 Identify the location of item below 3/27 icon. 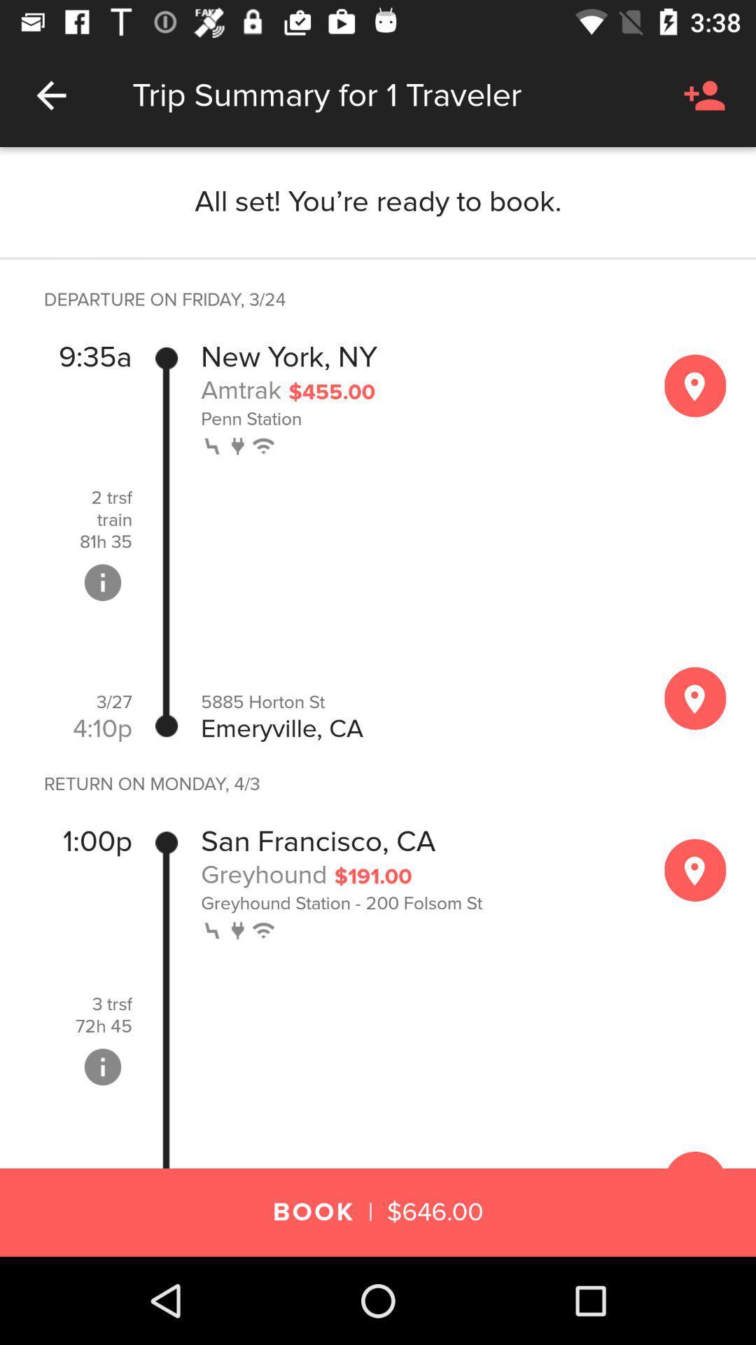
(101, 729).